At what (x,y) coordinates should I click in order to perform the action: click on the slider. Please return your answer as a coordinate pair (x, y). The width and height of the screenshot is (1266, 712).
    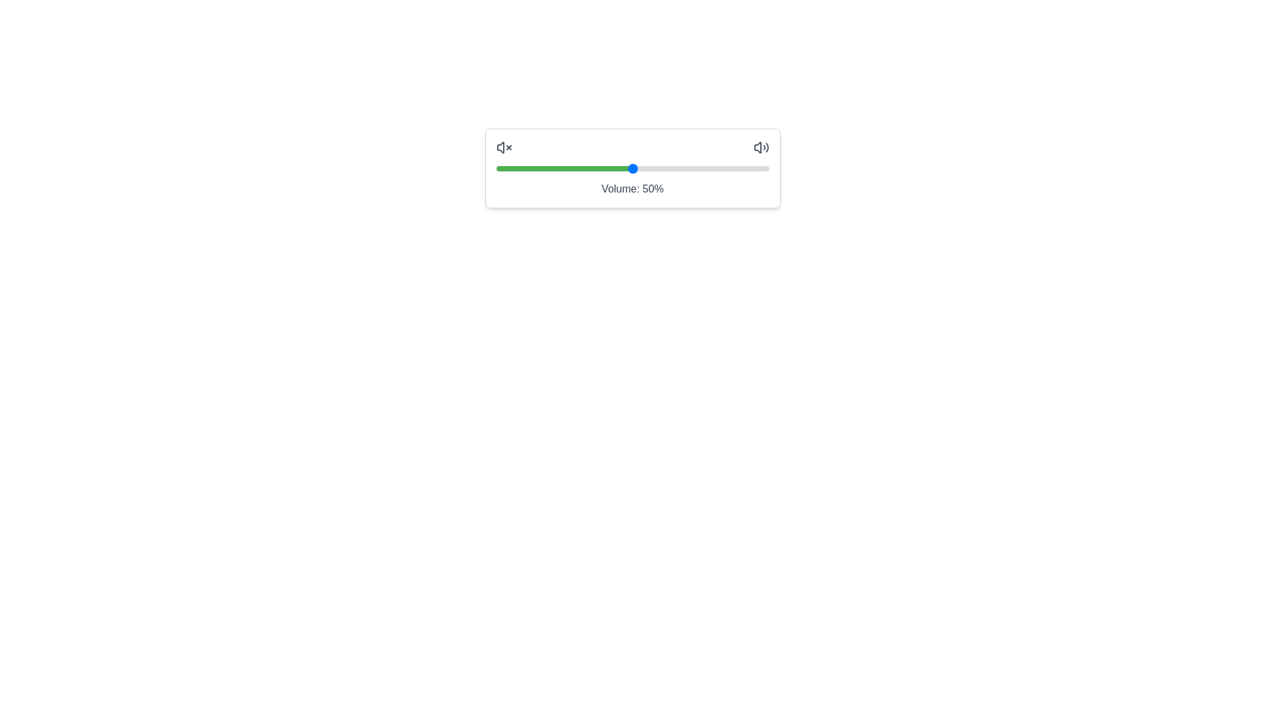
    Looking at the image, I should click on (654, 167).